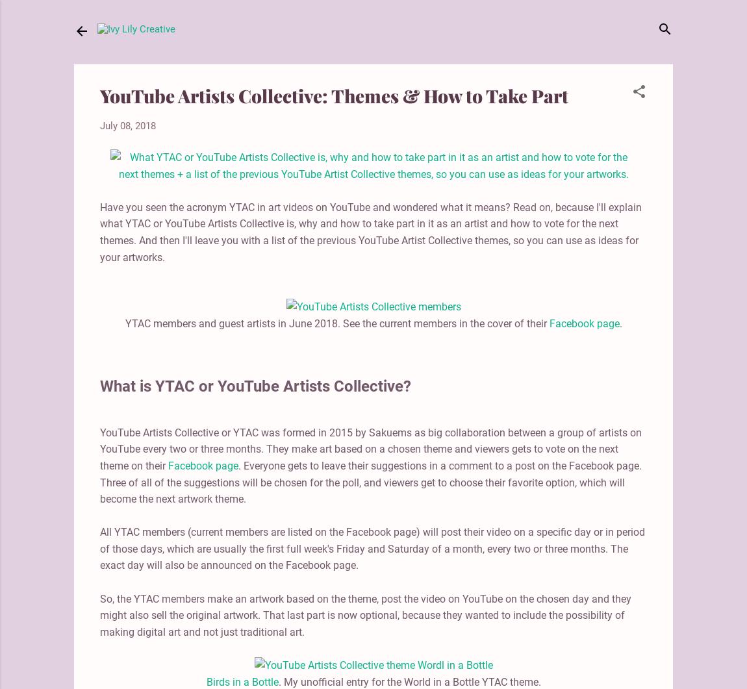 This screenshot has height=689, width=747. I want to click on '. My unofficial entry for the World in a Bottle YTAC theme.', so click(408, 681).